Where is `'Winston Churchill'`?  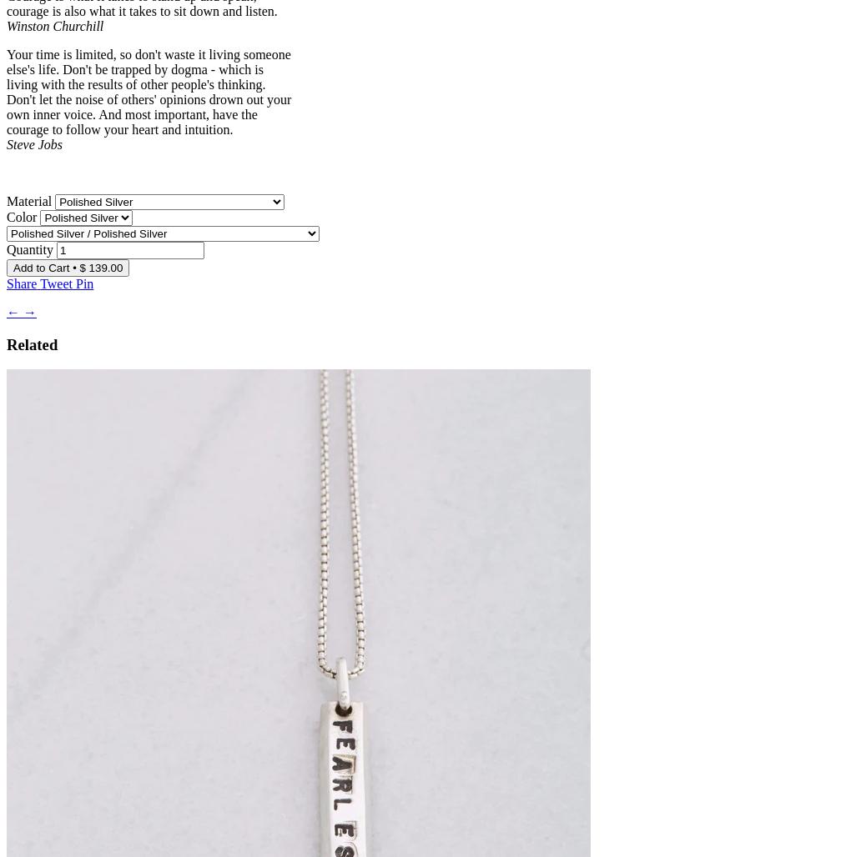 'Winston Churchill' is located at coordinates (55, 25).